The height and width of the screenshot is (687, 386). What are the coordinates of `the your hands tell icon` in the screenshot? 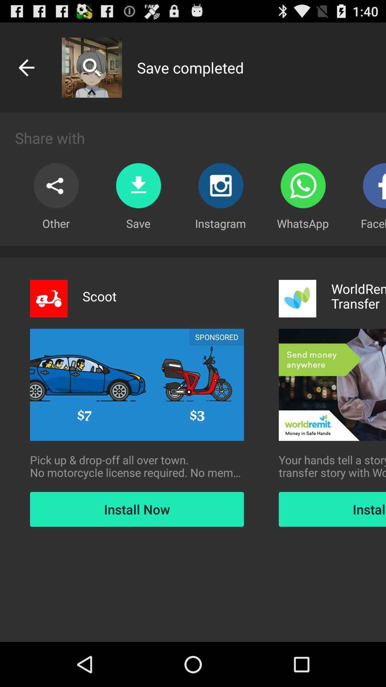 It's located at (332, 466).